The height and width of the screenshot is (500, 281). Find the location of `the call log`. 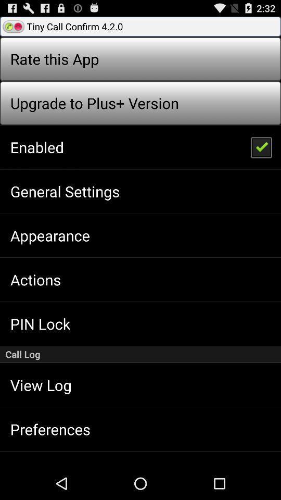

the call log is located at coordinates (140, 354).